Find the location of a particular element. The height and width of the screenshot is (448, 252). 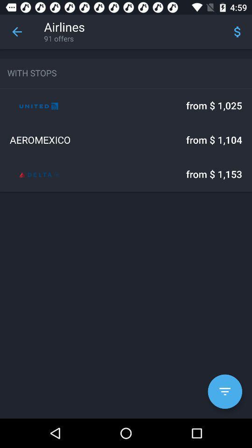

the icon next to airlines is located at coordinates (17, 32).